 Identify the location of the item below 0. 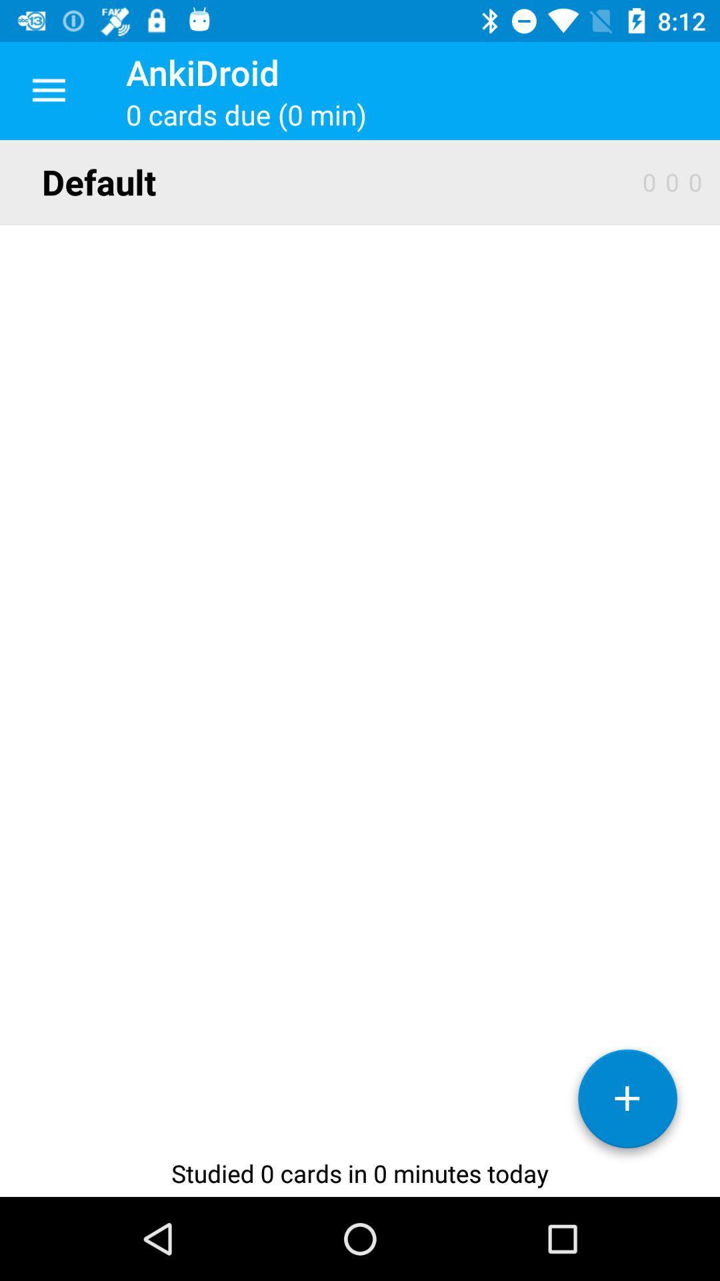
(627, 1104).